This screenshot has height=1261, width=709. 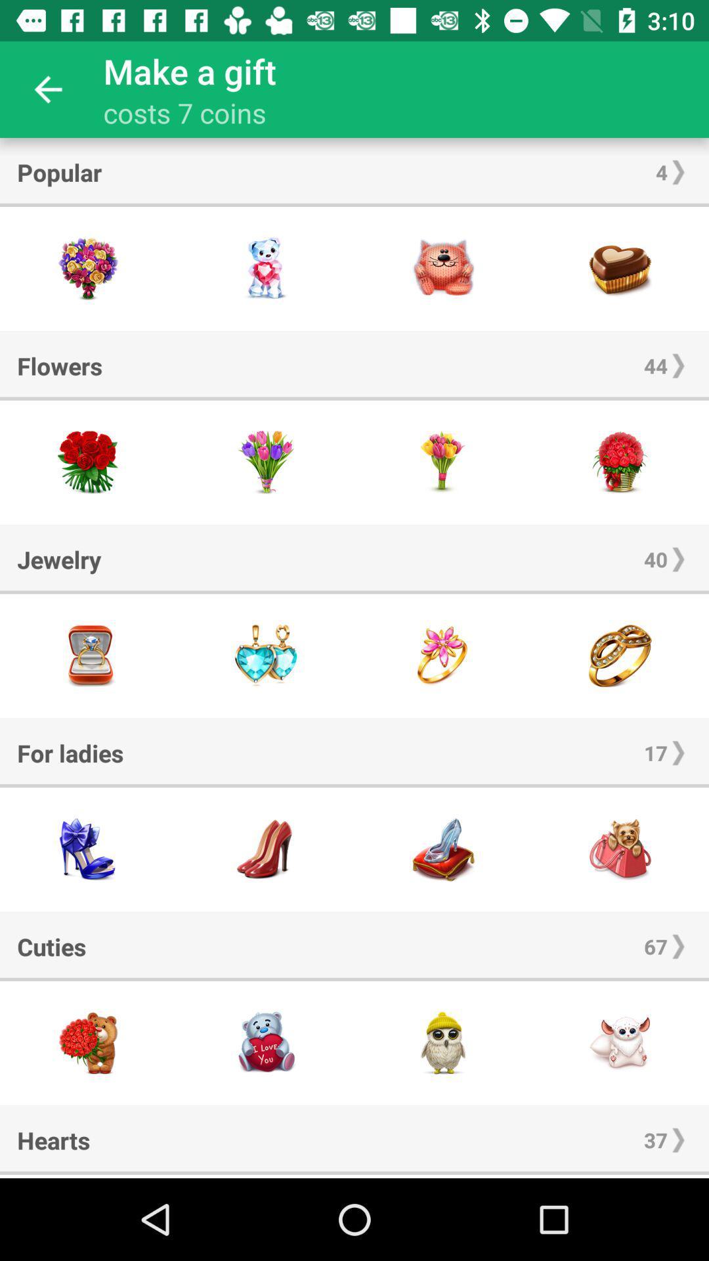 I want to click on gift option, so click(x=443, y=1042).